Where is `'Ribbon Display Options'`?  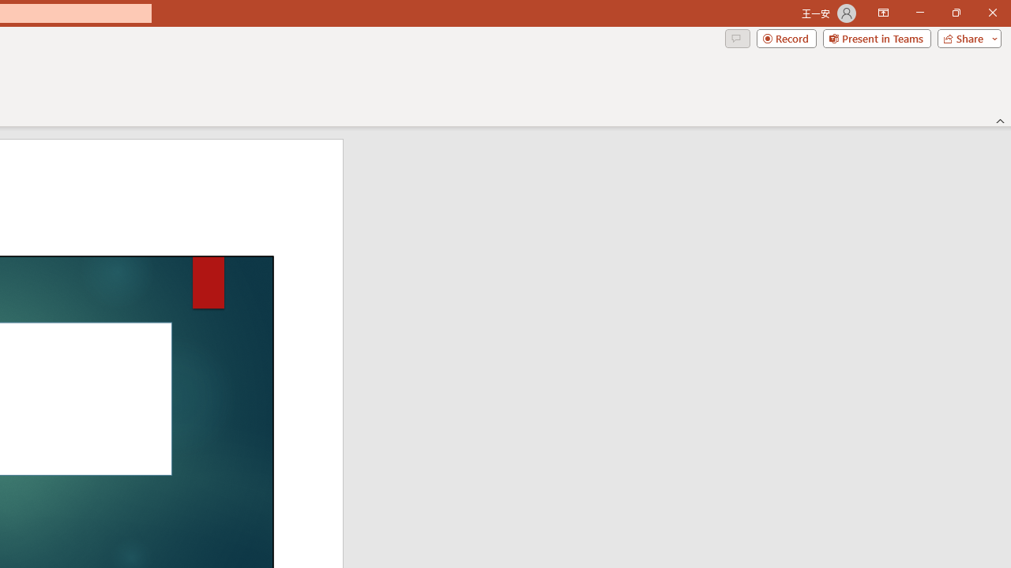
'Ribbon Display Options' is located at coordinates (882, 13).